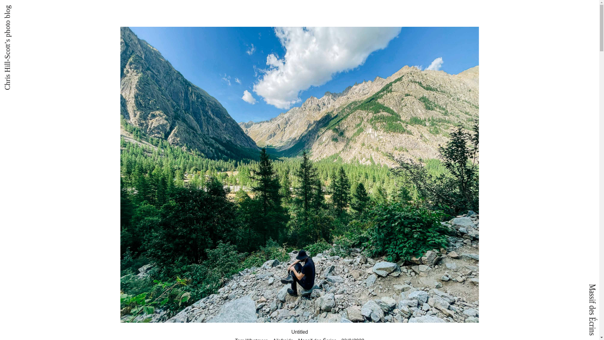 This screenshot has width=604, height=340. I want to click on 'Untitled', so click(299, 331).